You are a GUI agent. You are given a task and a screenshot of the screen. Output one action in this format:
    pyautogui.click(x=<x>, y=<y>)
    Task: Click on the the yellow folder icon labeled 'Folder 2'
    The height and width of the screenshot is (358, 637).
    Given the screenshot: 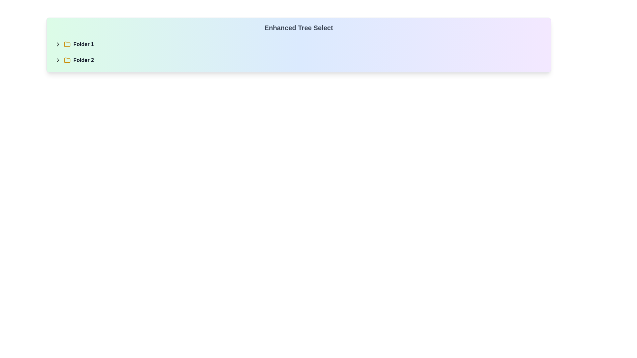 What is the action you would take?
    pyautogui.click(x=67, y=60)
    